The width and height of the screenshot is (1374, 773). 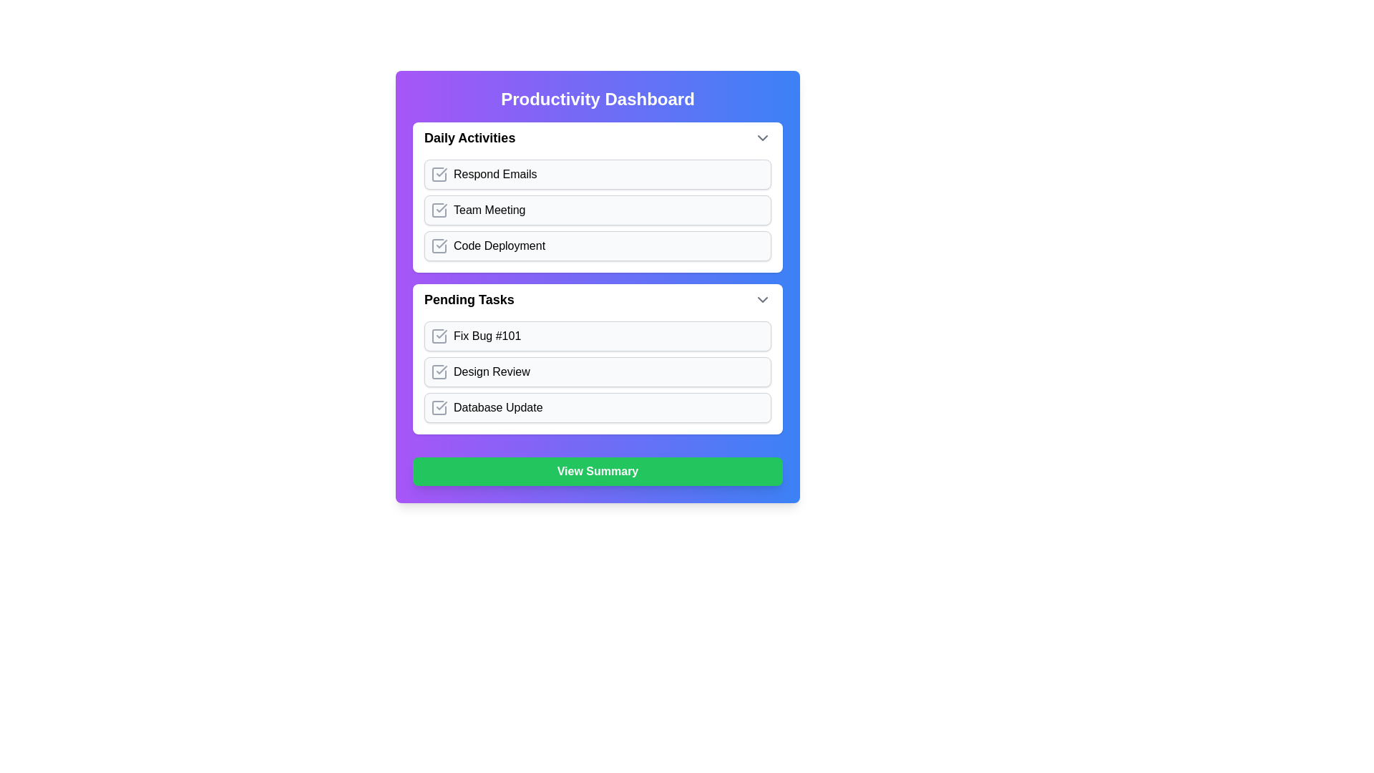 What do you see at coordinates (761, 299) in the screenshot?
I see `the downward-pointing gray chevron icon located to the far right of the 'Pending Tasks' section header, aligned with the text 'Pending Tasks'` at bounding box center [761, 299].